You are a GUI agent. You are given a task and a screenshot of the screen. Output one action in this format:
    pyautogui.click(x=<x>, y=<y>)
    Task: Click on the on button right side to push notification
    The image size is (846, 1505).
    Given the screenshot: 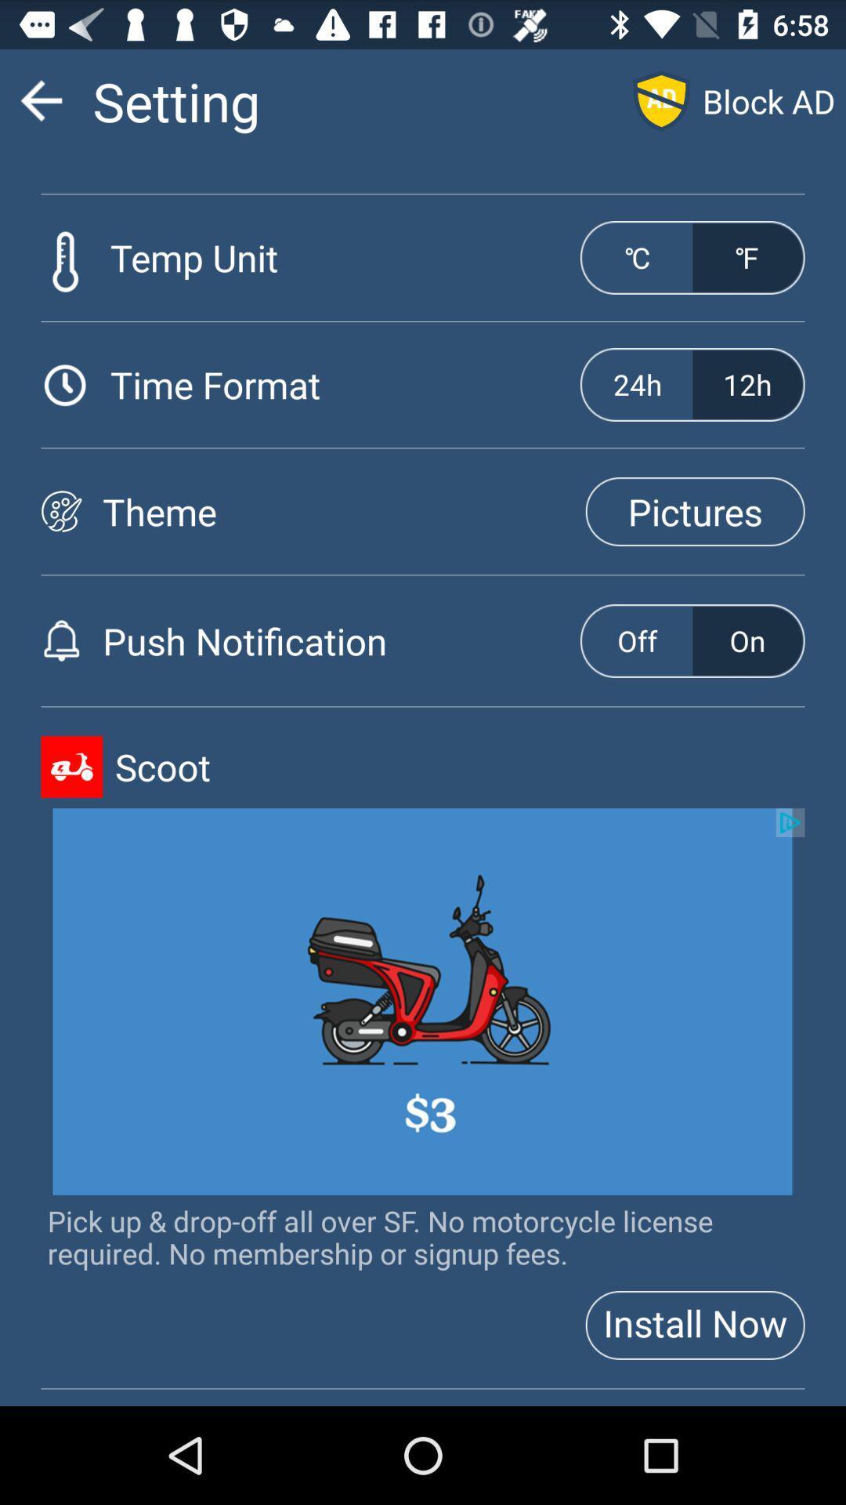 What is the action you would take?
    pyautogui.click(x=747, y=640)
    